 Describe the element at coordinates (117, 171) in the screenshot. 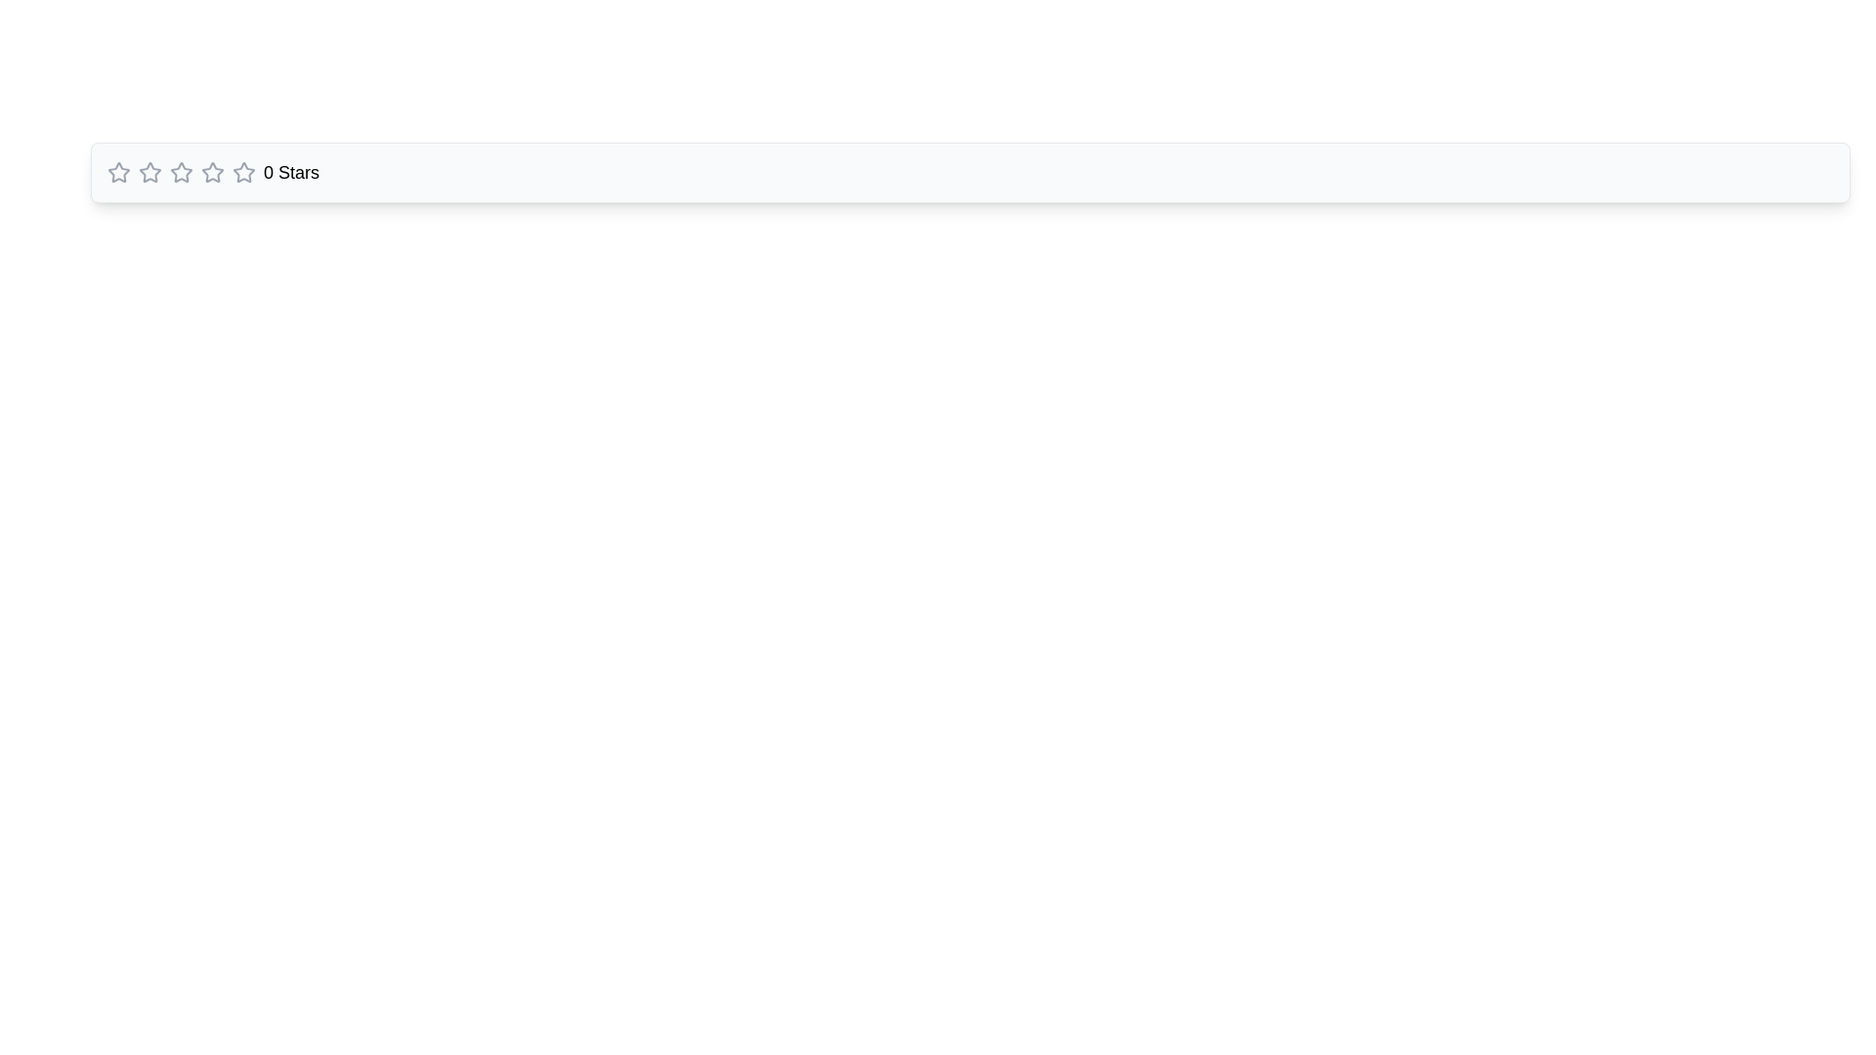

I see `the first star-shaped rating icon` at that location.